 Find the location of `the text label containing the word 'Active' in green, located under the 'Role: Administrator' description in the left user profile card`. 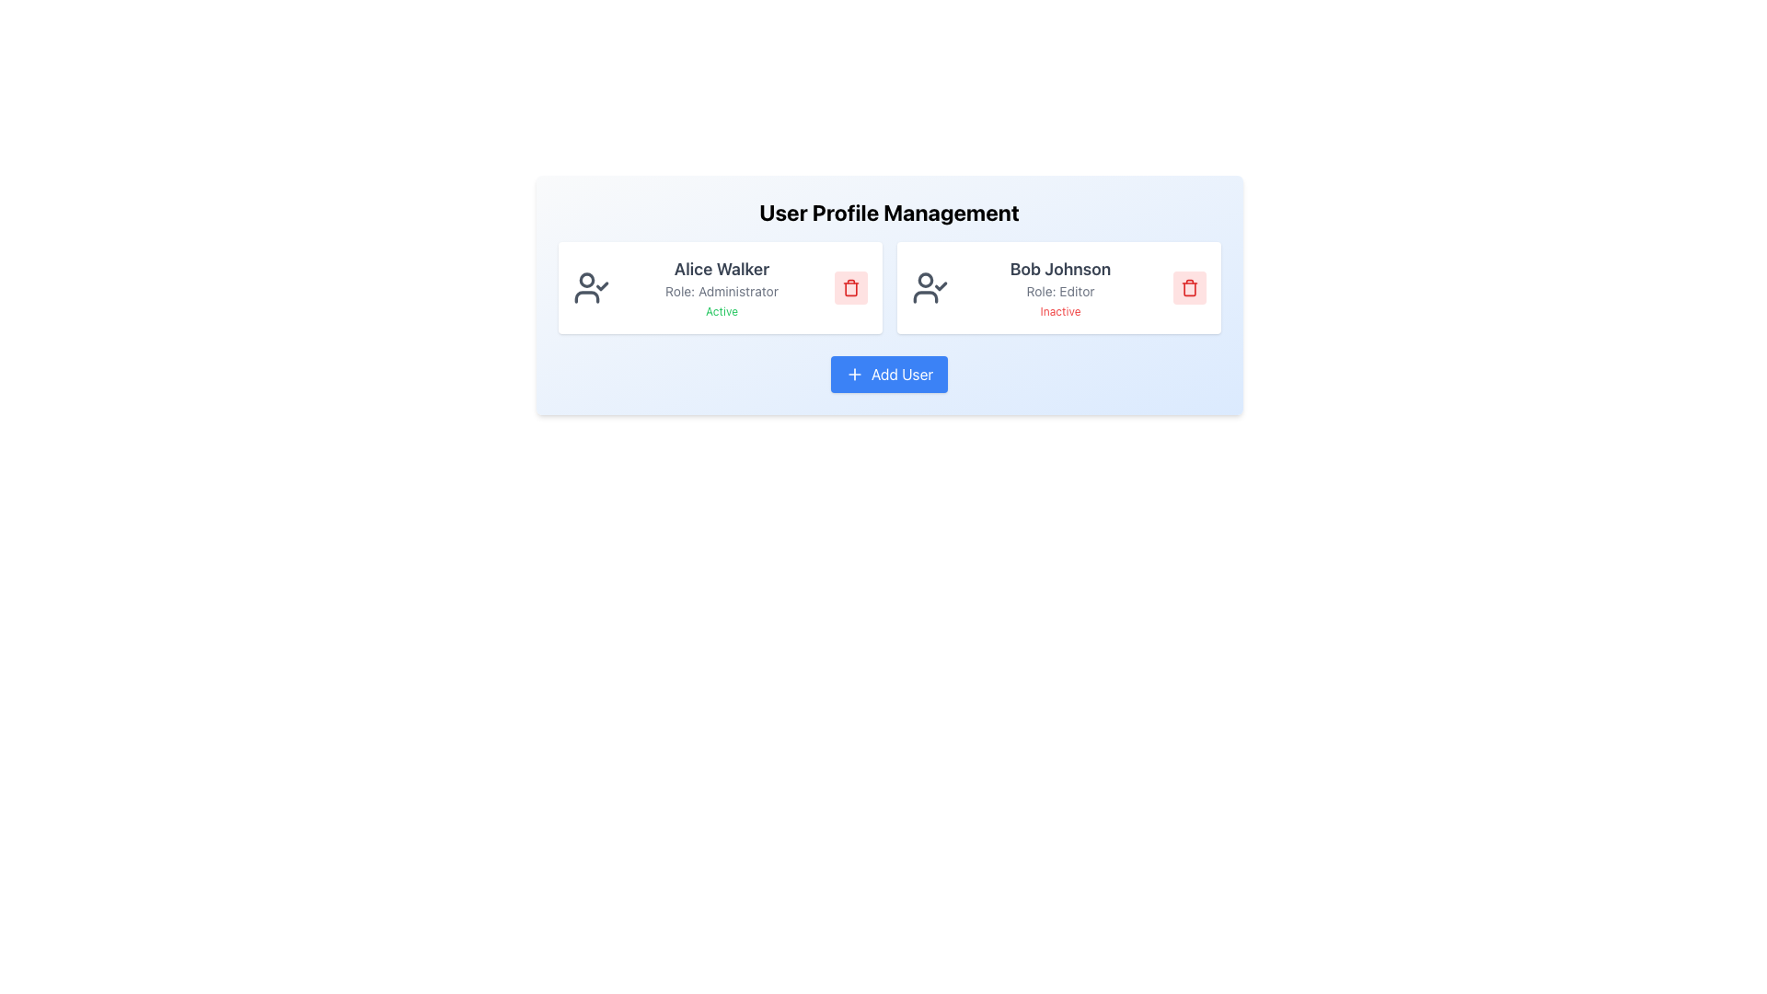

the text label containing the word 'Active' in green, located under the 'Role: Administrator' description in the left user profile card is located at coordinates (721, 311).